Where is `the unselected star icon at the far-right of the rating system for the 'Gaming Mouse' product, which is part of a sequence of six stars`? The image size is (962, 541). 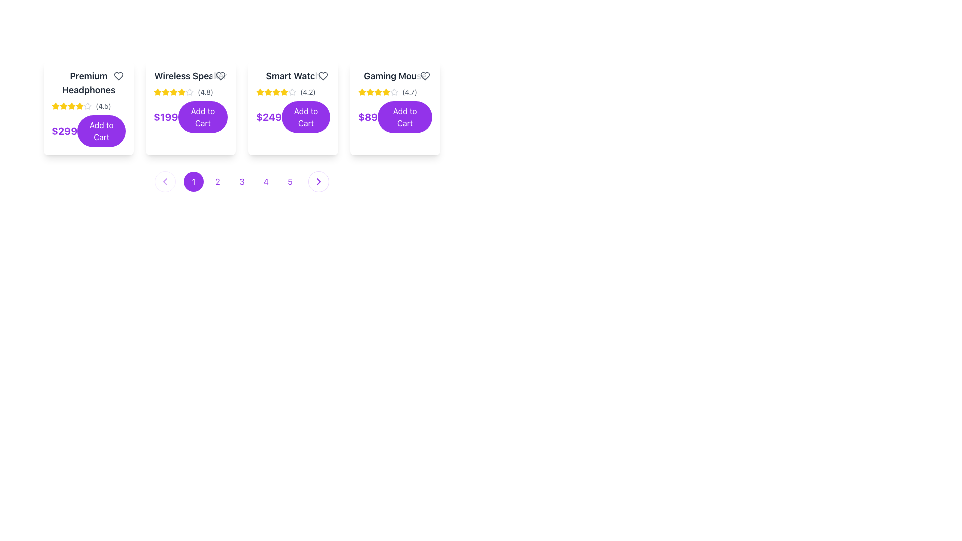 the unselected star icon at the far-right of the rating system for the 'Gaming Mouse' product, which is part of a sequence of six stars is located at coordinates (394, 92).